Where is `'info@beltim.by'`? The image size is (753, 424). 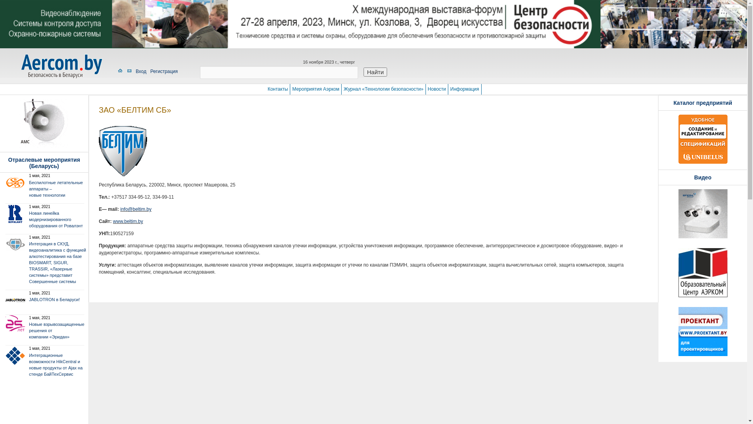 'info@beltim.by' is located at coordinates (120, 208).